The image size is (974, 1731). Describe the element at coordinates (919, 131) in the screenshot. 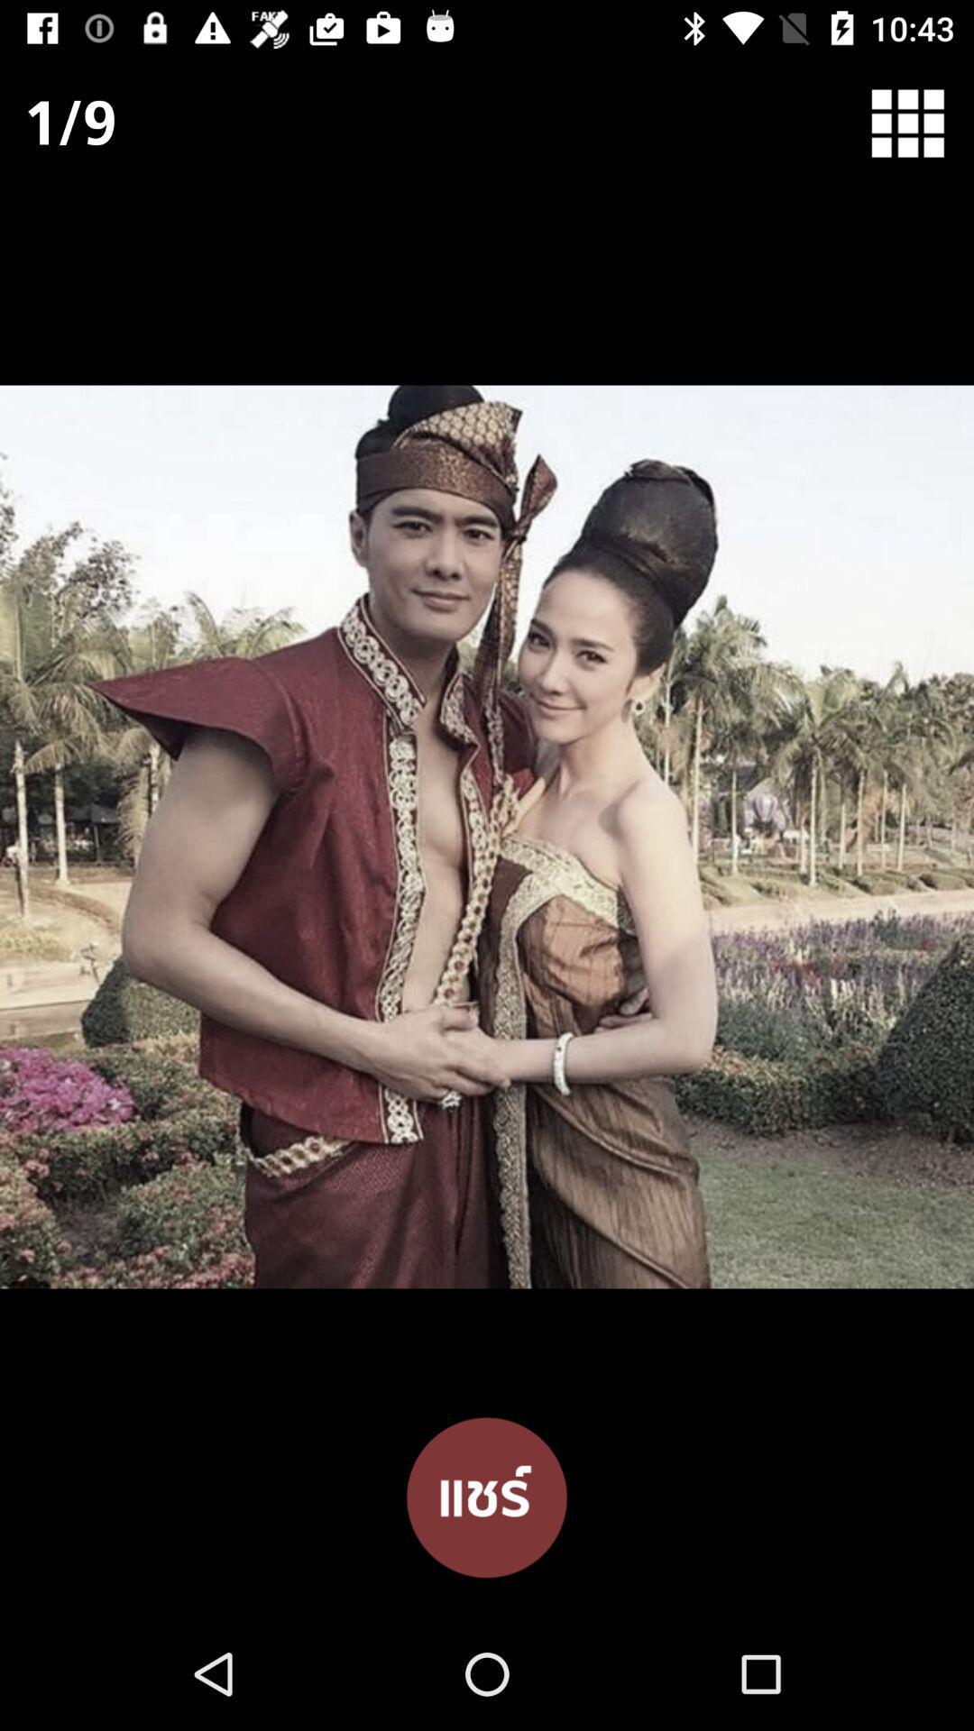

I see `the dashboard icon` at that location.